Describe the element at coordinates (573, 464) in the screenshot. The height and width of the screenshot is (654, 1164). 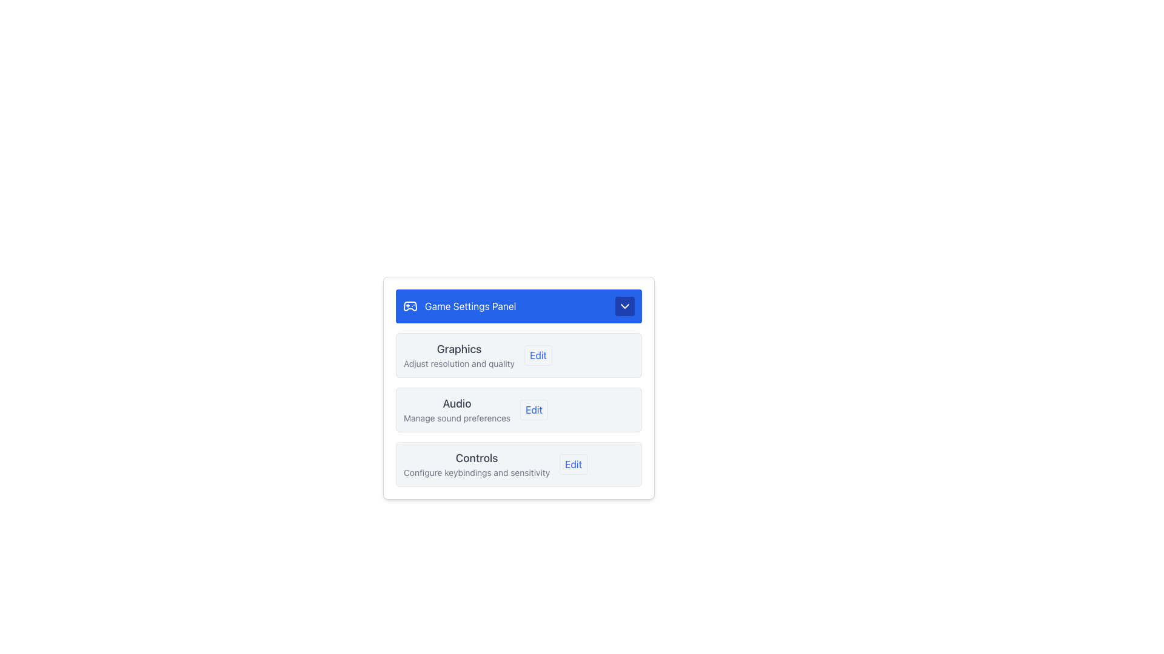
I see `the 'Edit' button with bold blue text located in the Controls section of the Game Settings Panel to invoke the edit functionality` at that location.